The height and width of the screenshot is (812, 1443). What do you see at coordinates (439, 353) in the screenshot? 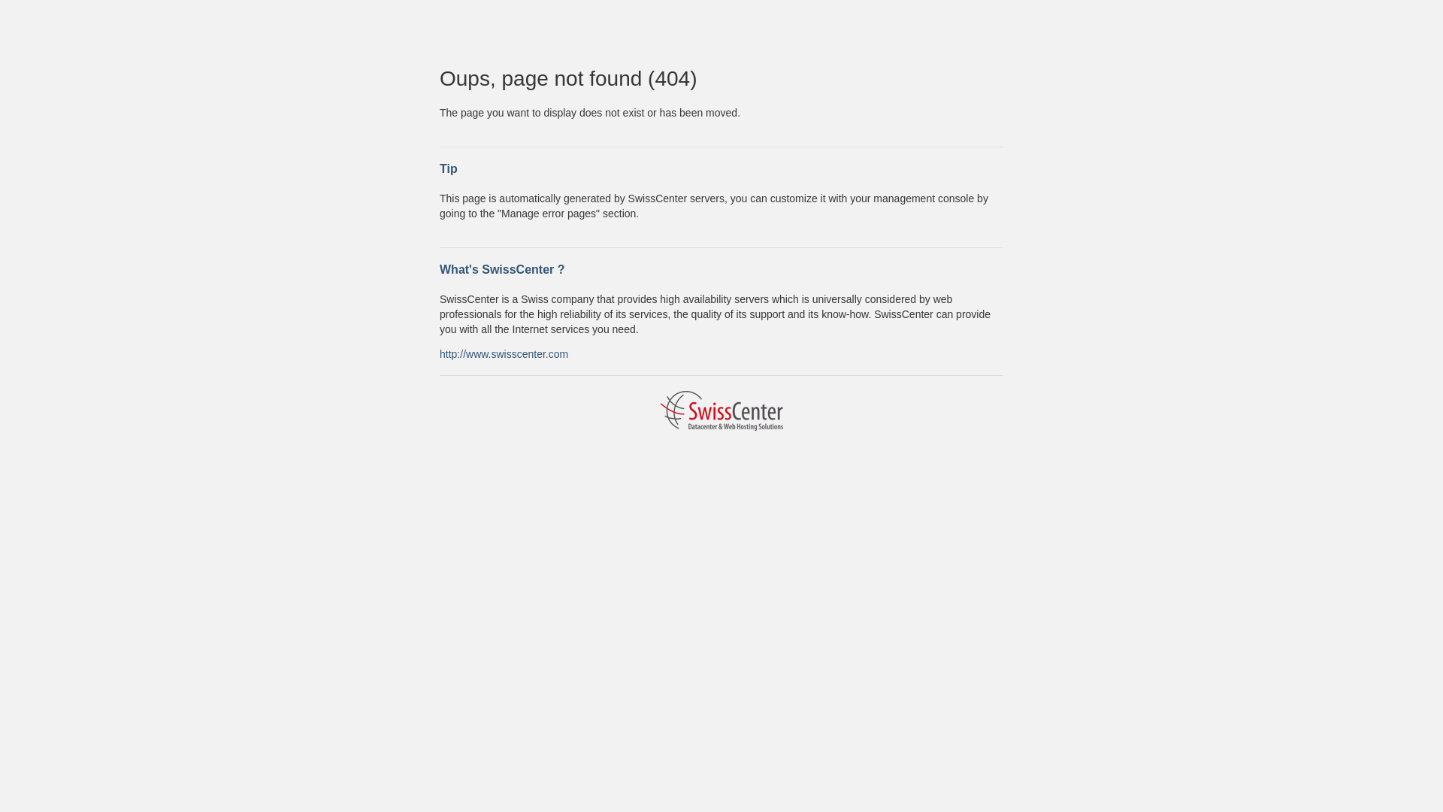
I see `'http://www.swisscenter.com'` at bounding box center [439, 353].